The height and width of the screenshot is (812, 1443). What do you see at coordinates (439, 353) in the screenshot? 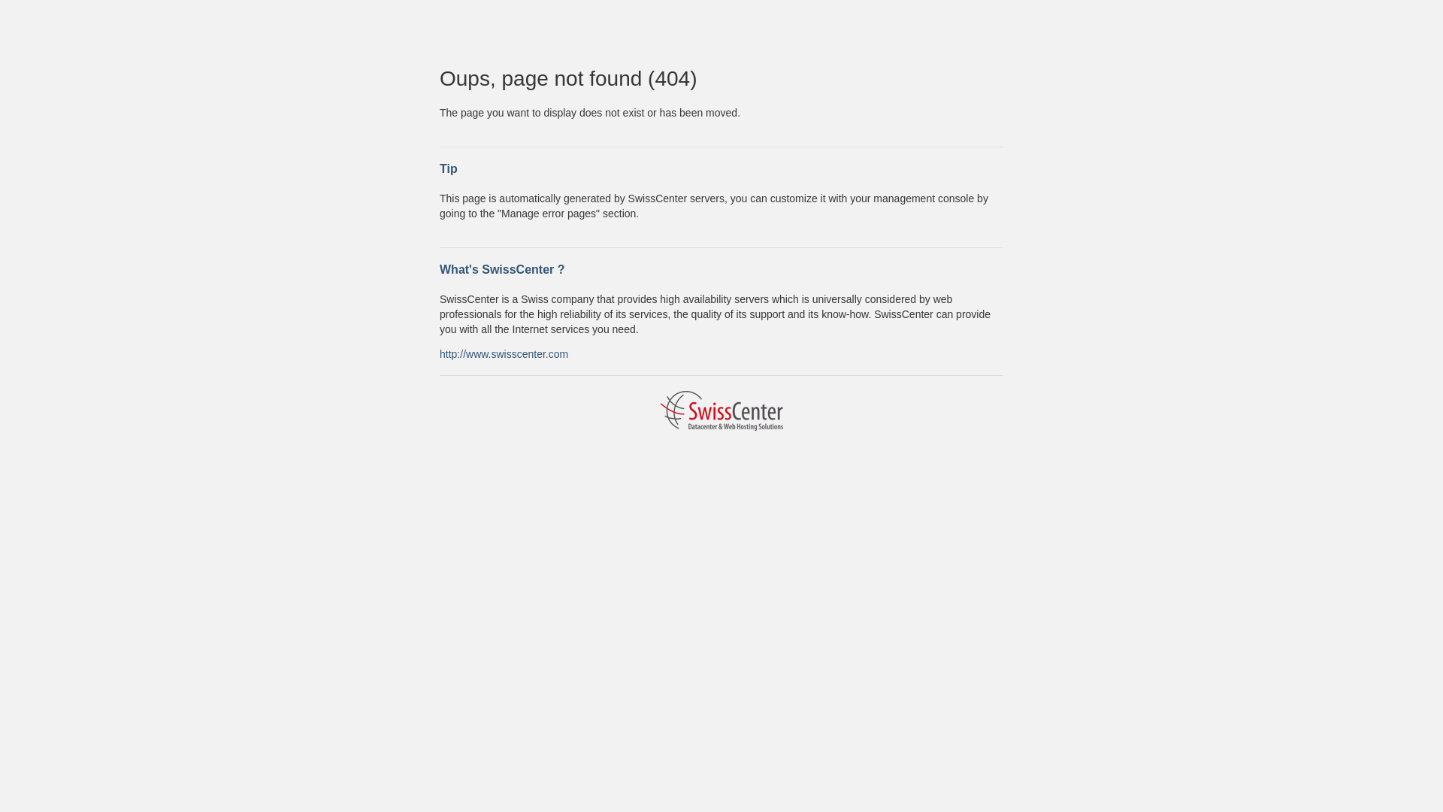
I see `'http://www.swisscenter.com'` at bounding box center [439, 353].